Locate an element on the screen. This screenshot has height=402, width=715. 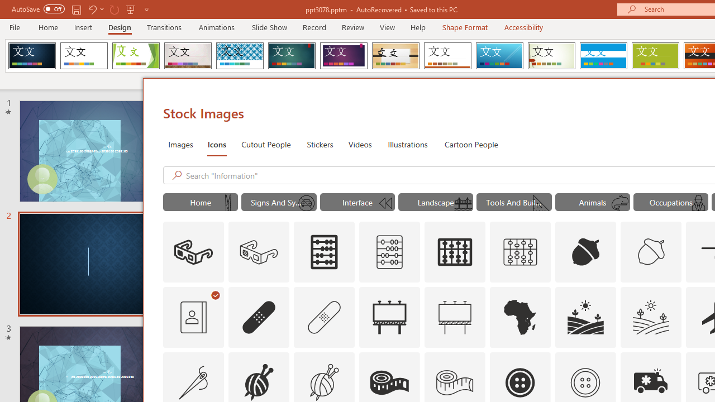
'AutomationID: Icons_AdhesiveBandage' is located at coordinates (259, 317).